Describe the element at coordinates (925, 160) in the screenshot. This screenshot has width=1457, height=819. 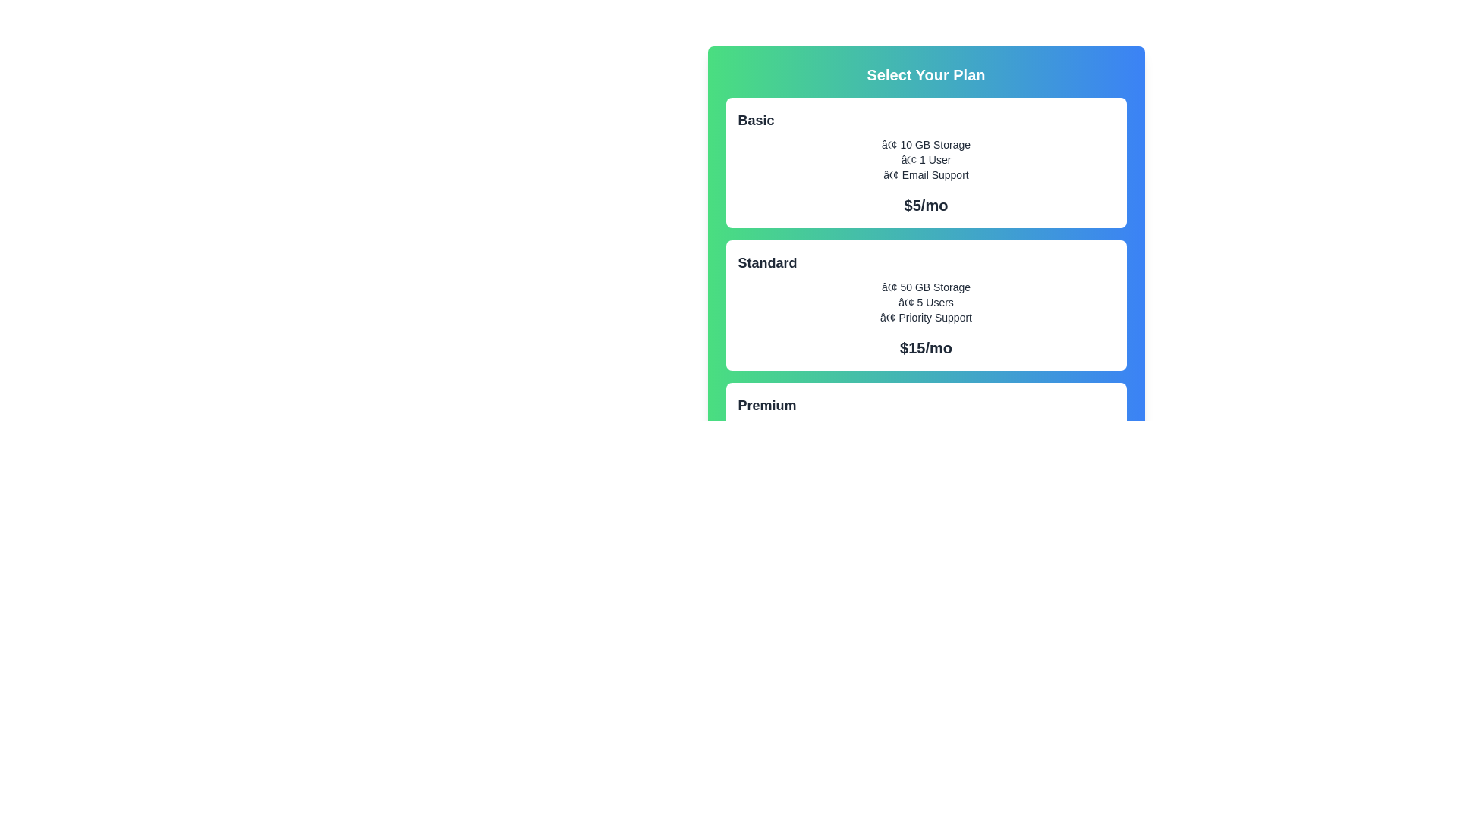
I see `static text displaying the number of users allowed in the 'Basic' pricing plan, located in the 'Basic' section of the pricing plan interface, second in the list of features` at that location.